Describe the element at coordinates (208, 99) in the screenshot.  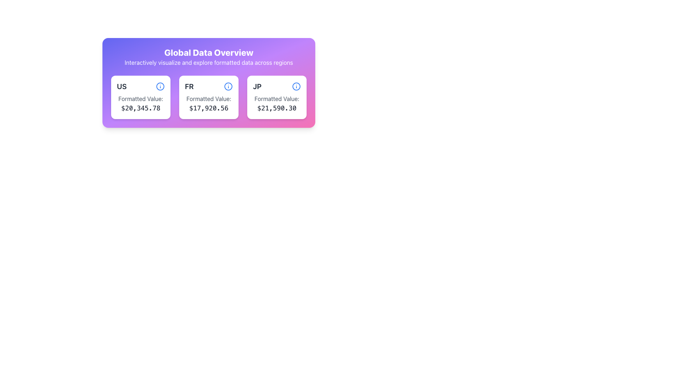
I see `the Static text label identified by 'FR' in the middle panel, which introduces or describes the adjacent numeric value below it` at that location.